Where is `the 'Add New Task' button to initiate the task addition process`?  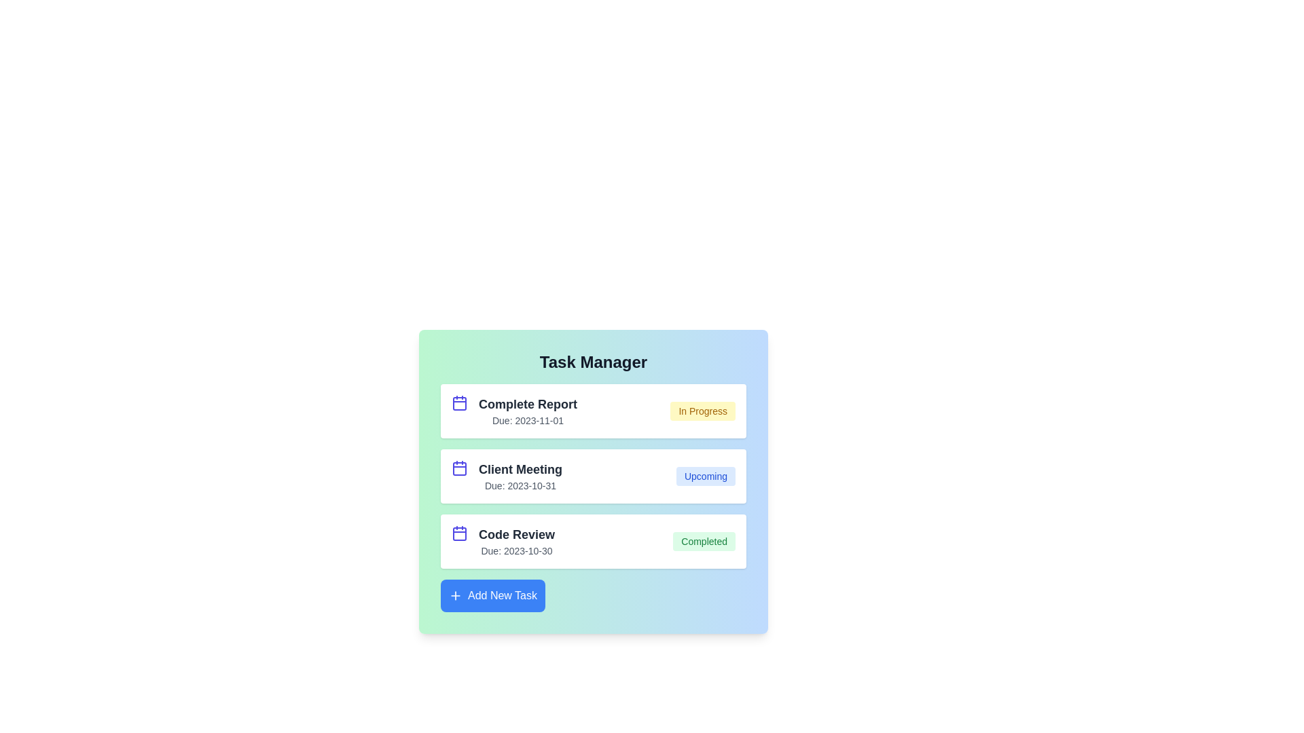
the 'Add New Task' button to initiate the task addition process is located at coordinates (492, 595).